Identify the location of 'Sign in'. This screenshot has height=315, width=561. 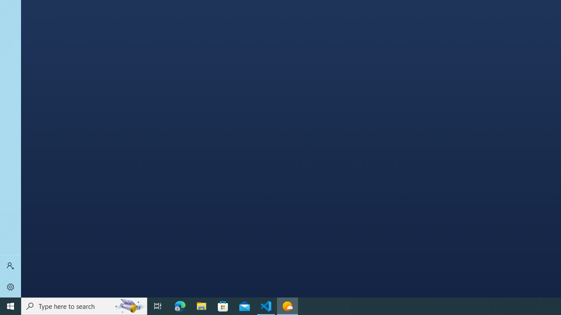
(11, 266).